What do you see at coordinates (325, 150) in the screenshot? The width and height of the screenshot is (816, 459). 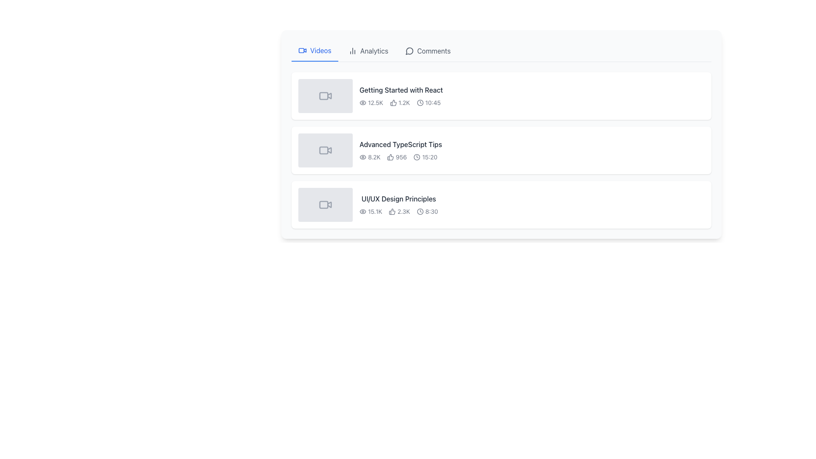 I see `the SVG icon representing the video thumbnail for the 'Advanced TypeScript Tips' entry, which is the second item in the vertical list` at bounding box center [325, 150].